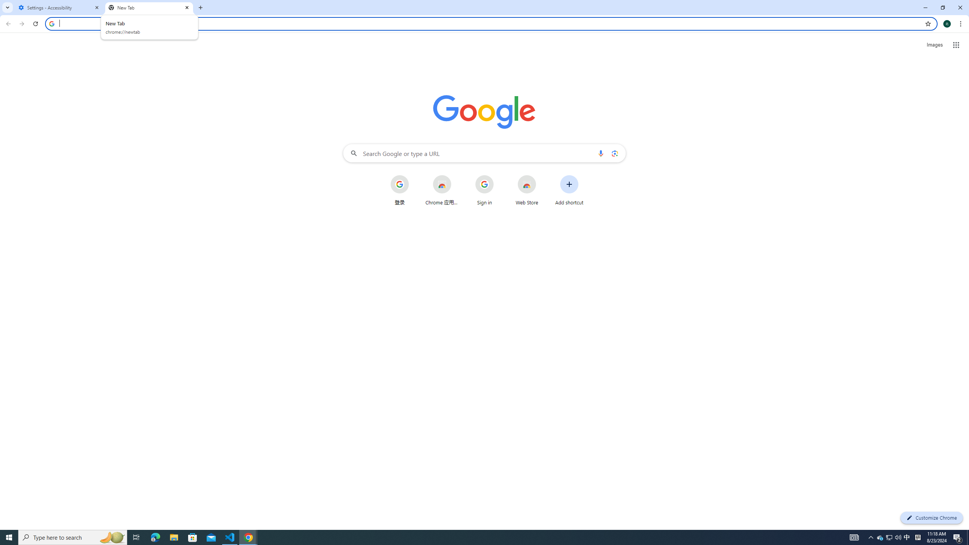 This screenshot has width=969, height=545. What do you see at coordinates (935, 45) in the screenshot?
I see `'Search for Images '` at bounding box center [935, 45].